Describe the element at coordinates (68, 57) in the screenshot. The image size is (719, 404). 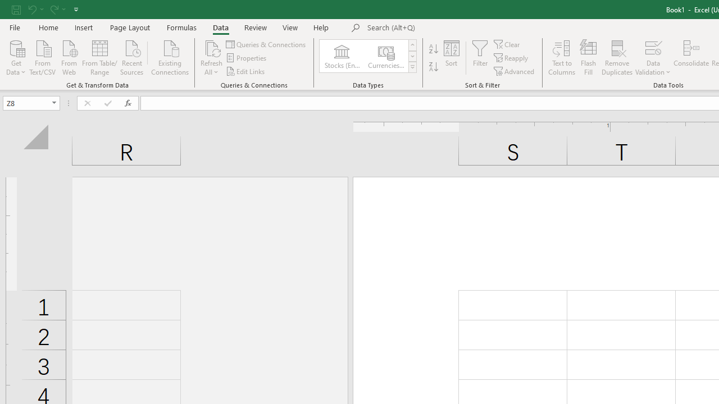
I see `'From Web'` at that location.